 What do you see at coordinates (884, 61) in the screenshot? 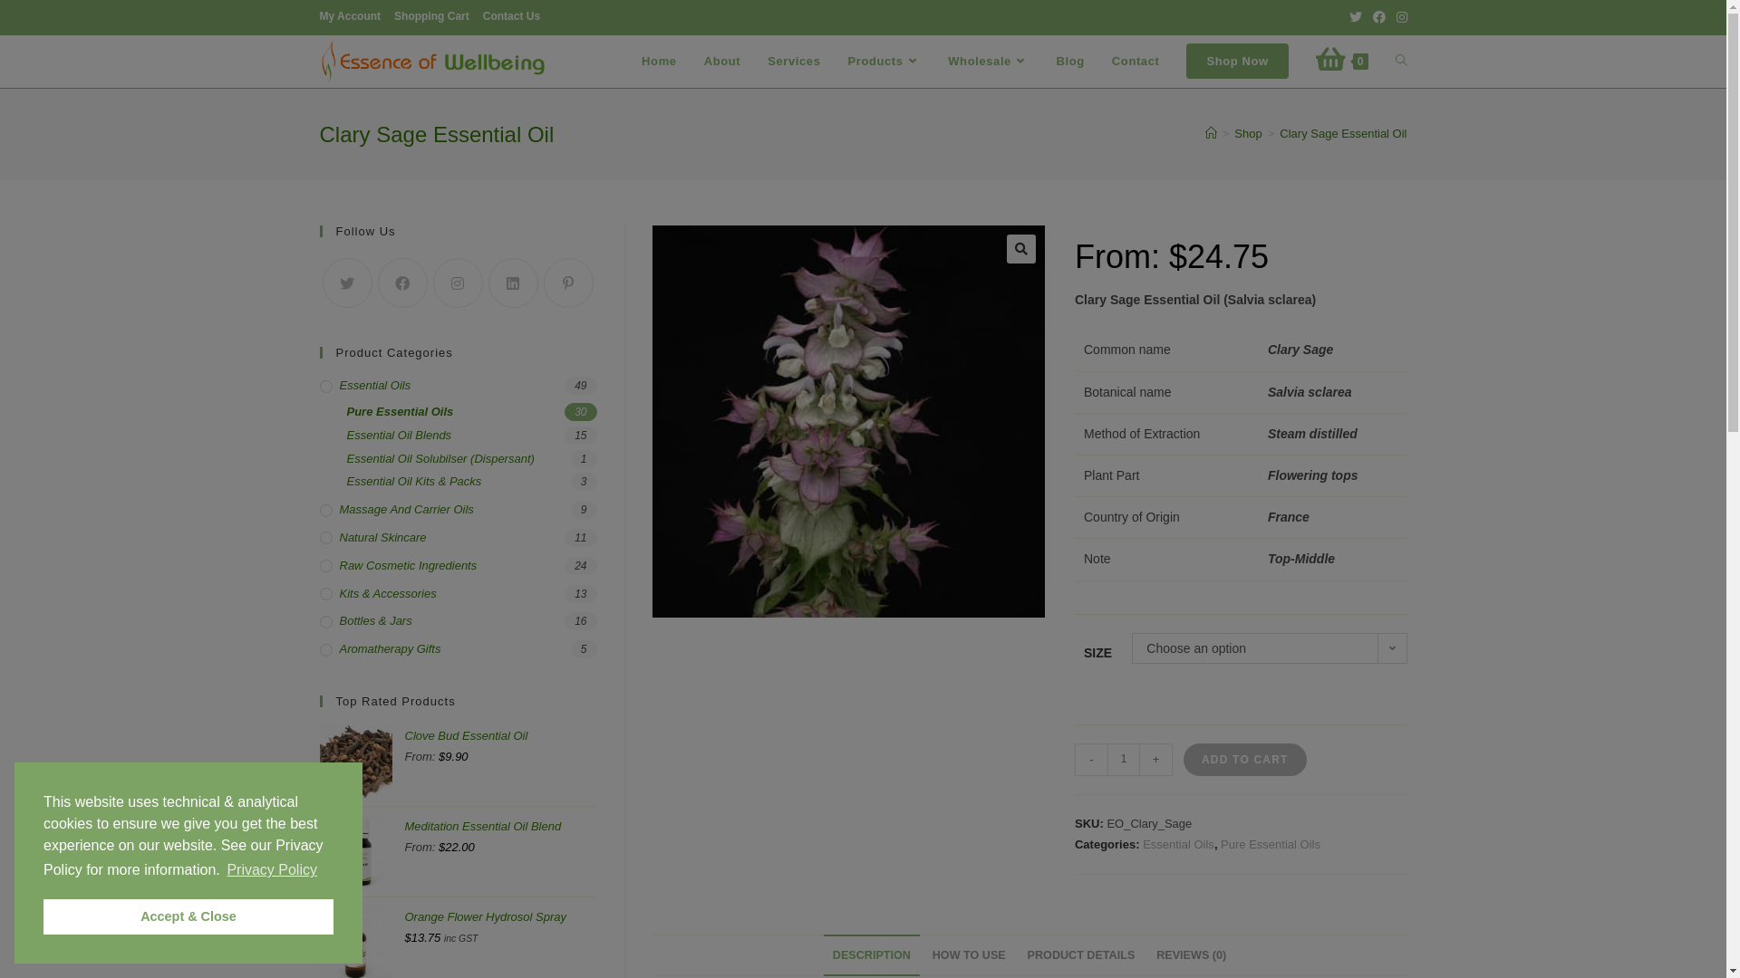
I see `'Products'` at bounding box center [884, 61].